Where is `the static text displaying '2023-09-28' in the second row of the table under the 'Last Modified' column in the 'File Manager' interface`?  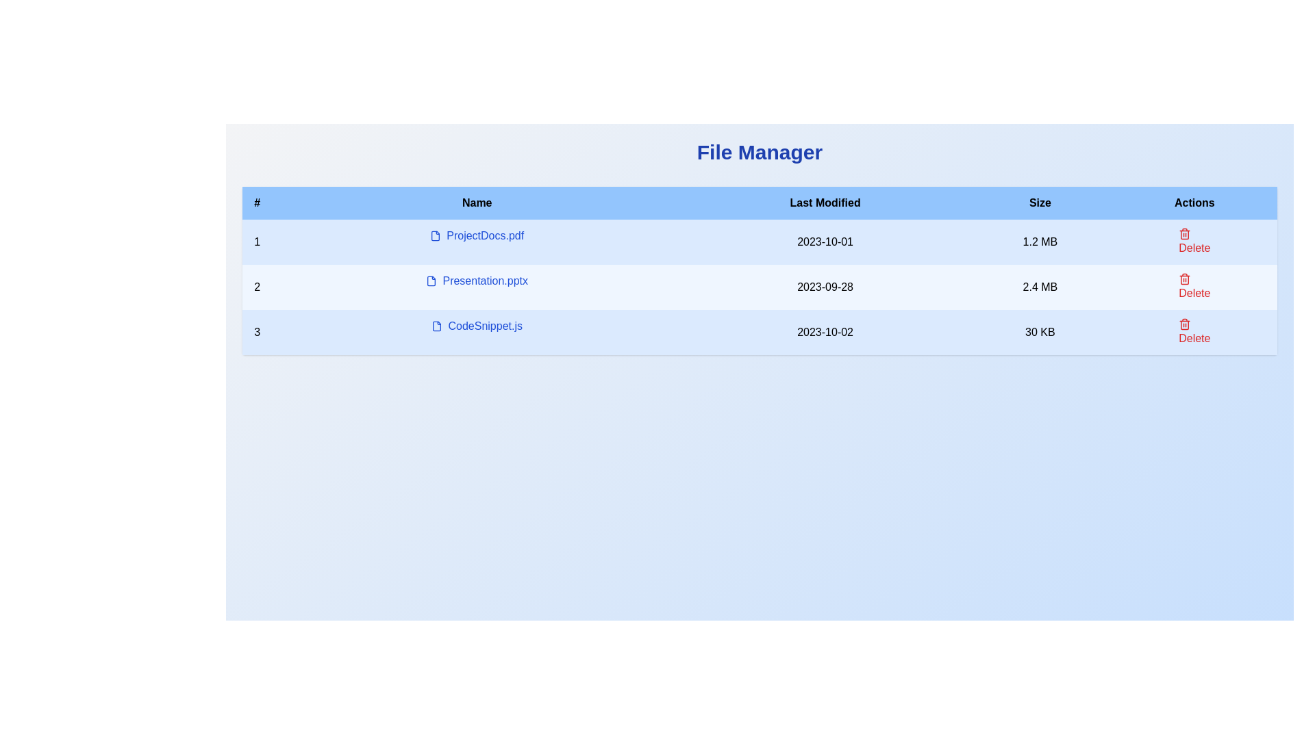
the static text displaying '2023-09-28' in the second row of the table under the 'Last Modified' column in the 'File Manager' interface is located at coordinates (825, 287).